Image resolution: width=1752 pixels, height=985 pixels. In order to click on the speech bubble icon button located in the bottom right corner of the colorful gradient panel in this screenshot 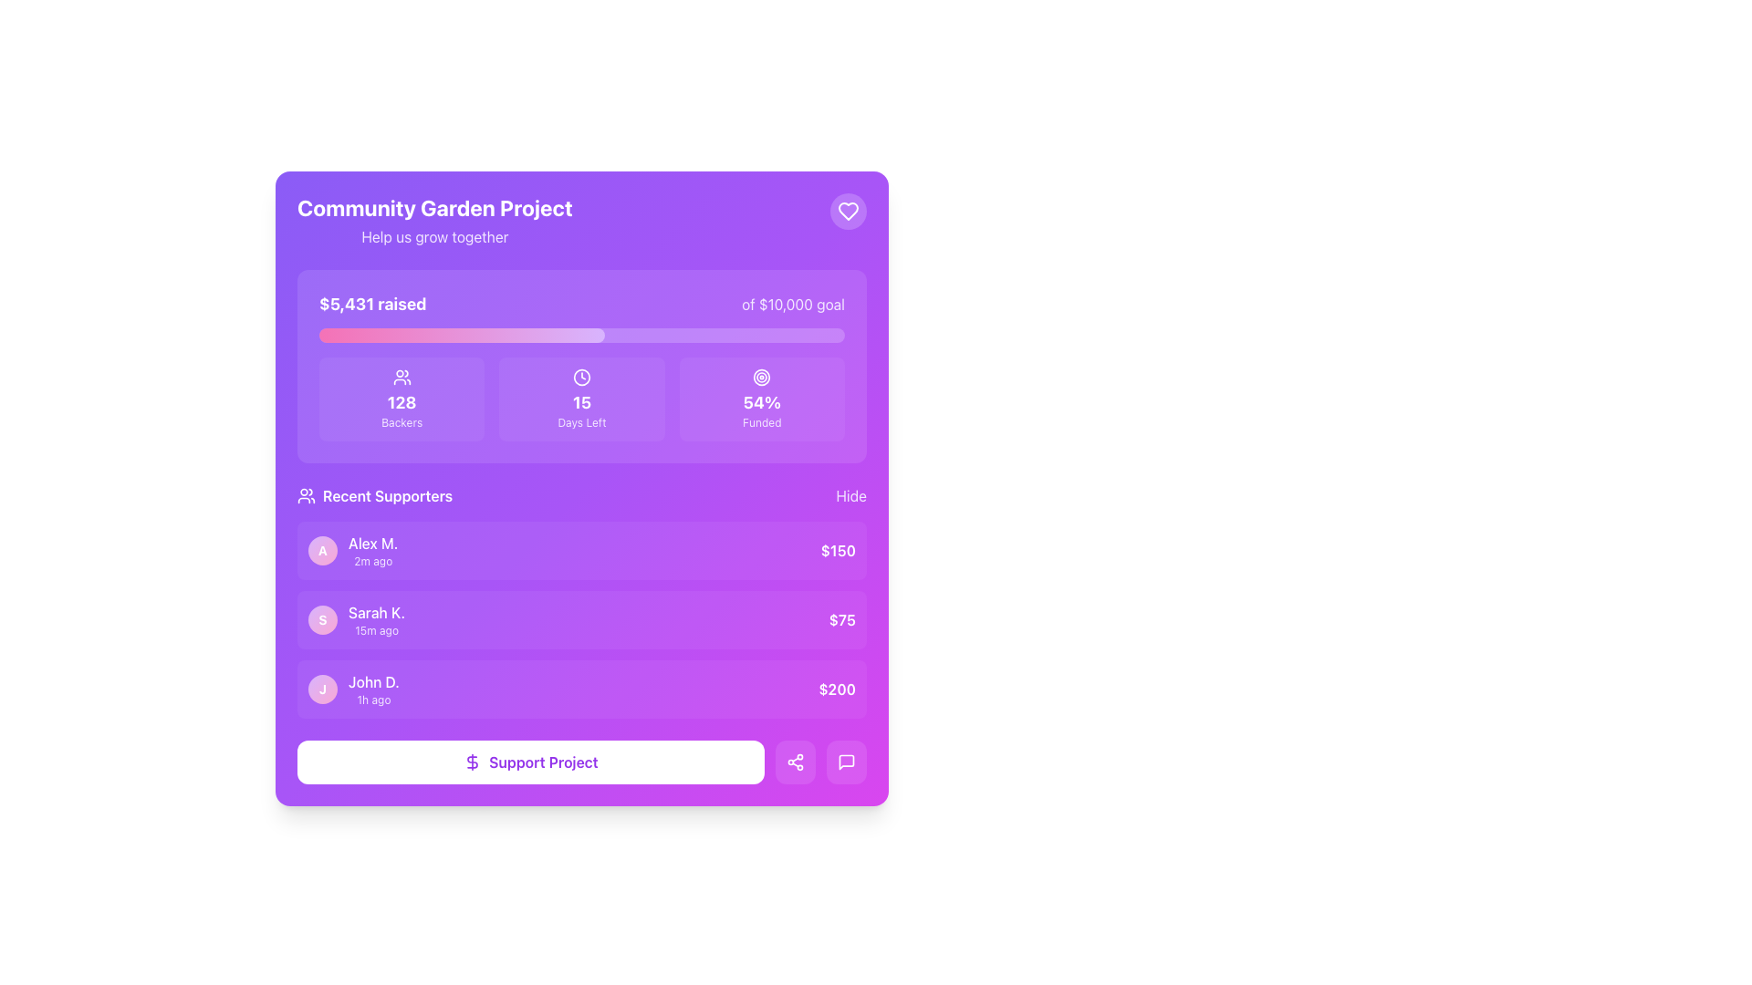, I will do `click(845, 762)`.